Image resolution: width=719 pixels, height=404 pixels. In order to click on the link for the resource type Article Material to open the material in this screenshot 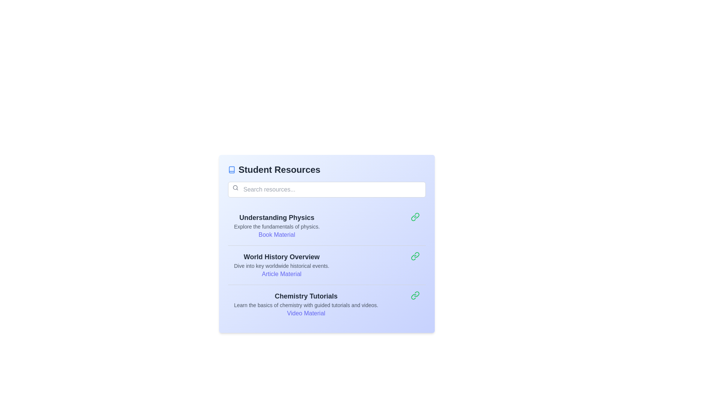, I will do `click(281, 274)`.